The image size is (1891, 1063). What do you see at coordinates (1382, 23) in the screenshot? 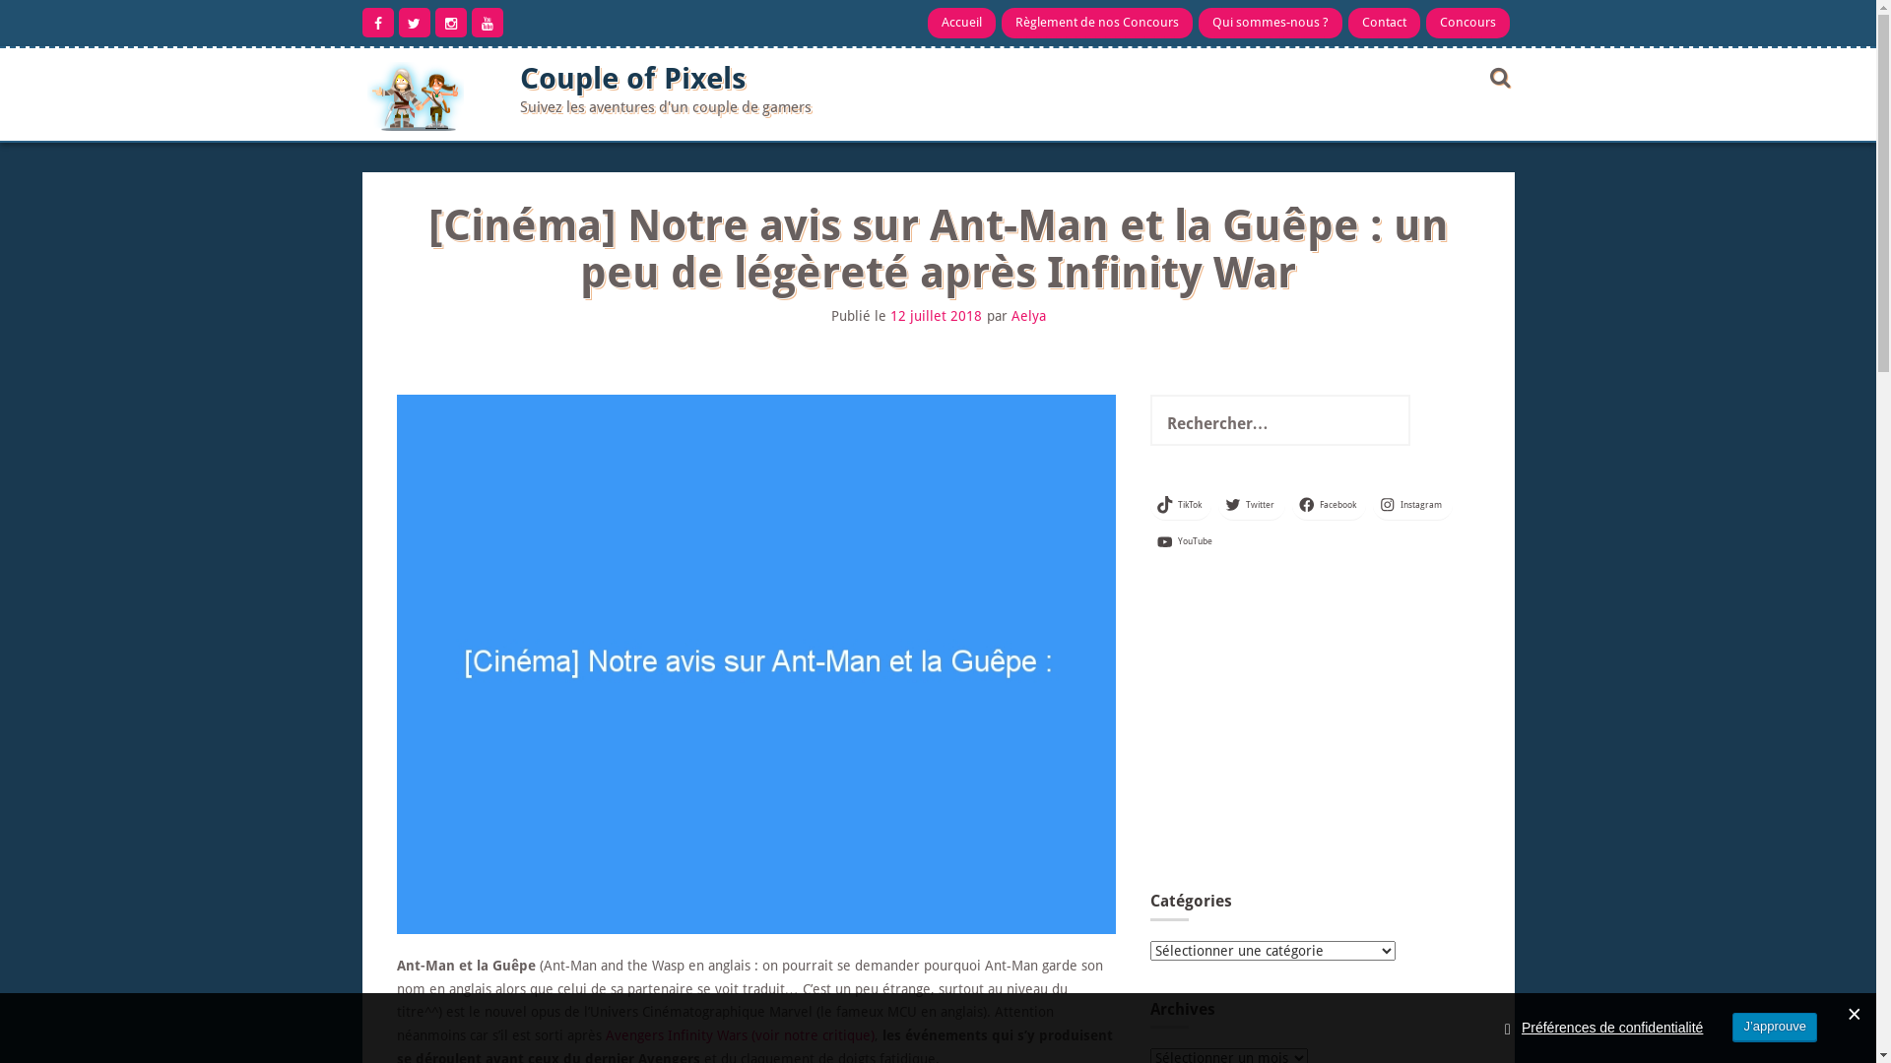
I see `'Contact'` at bounding box center [1382, 23].